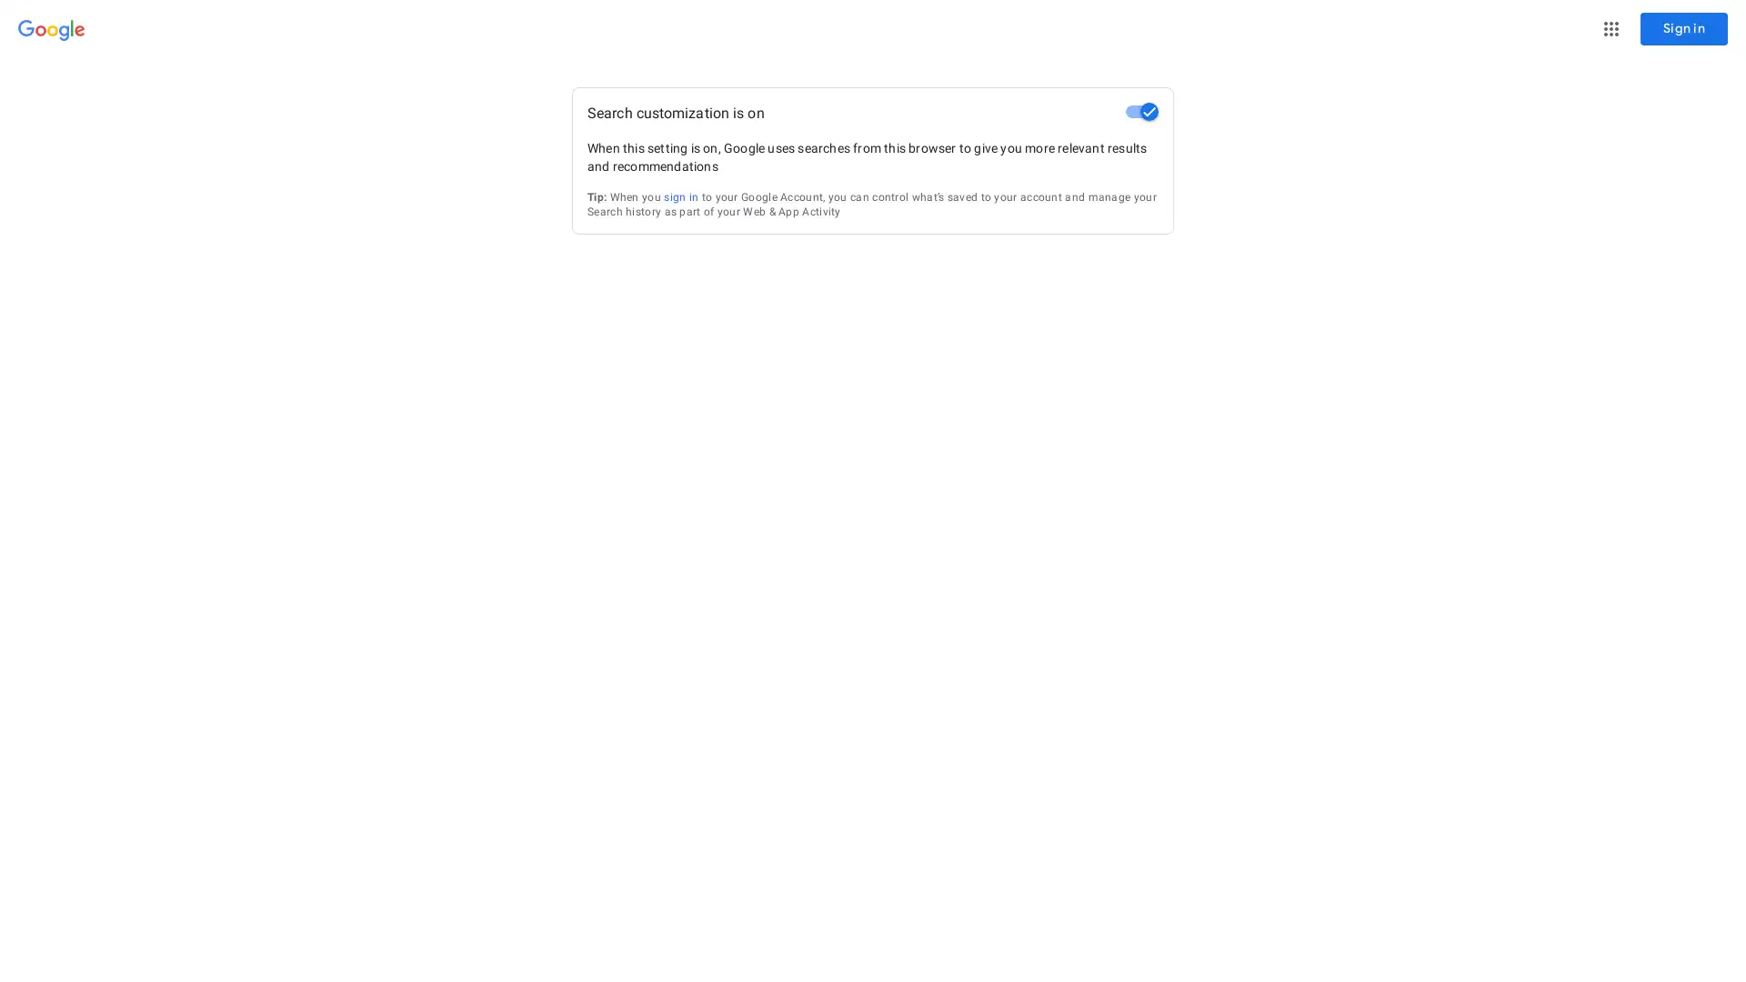  Describe the element at coordinates (1611, 28) in the screenshot. I see `Google apps` at that location.